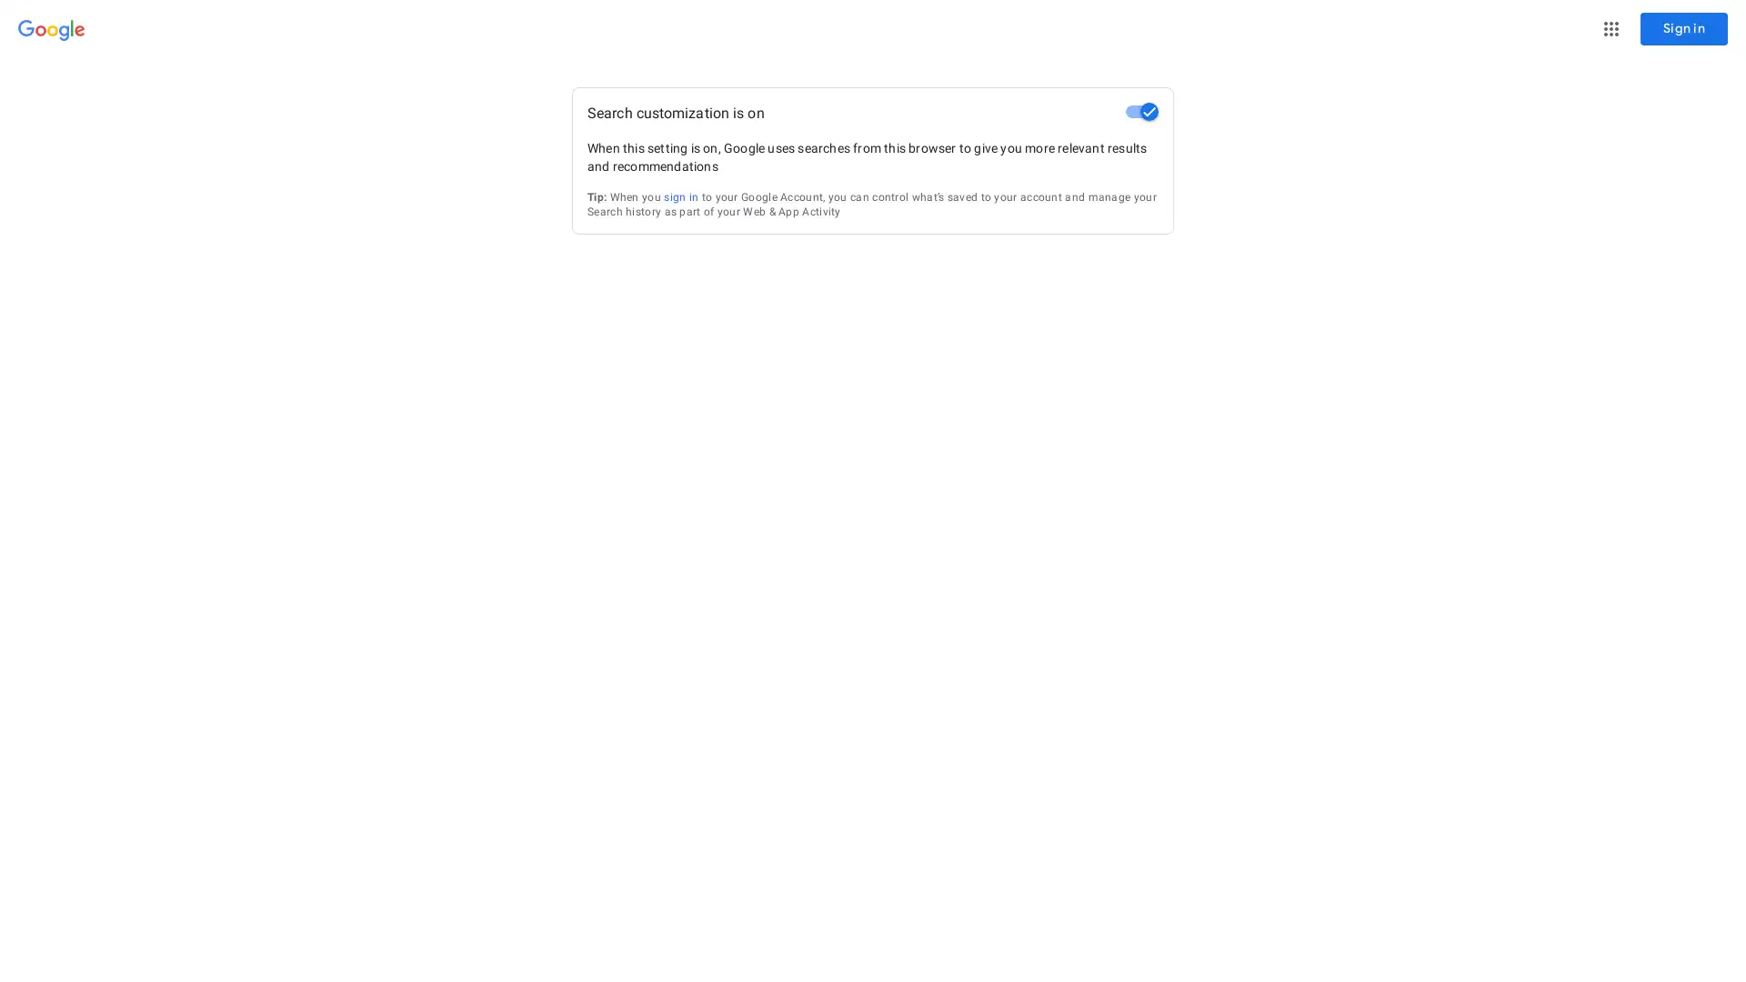  Describe the element at coordinates (1611, 28) in the screenshot. I see `Google apps` at that location.